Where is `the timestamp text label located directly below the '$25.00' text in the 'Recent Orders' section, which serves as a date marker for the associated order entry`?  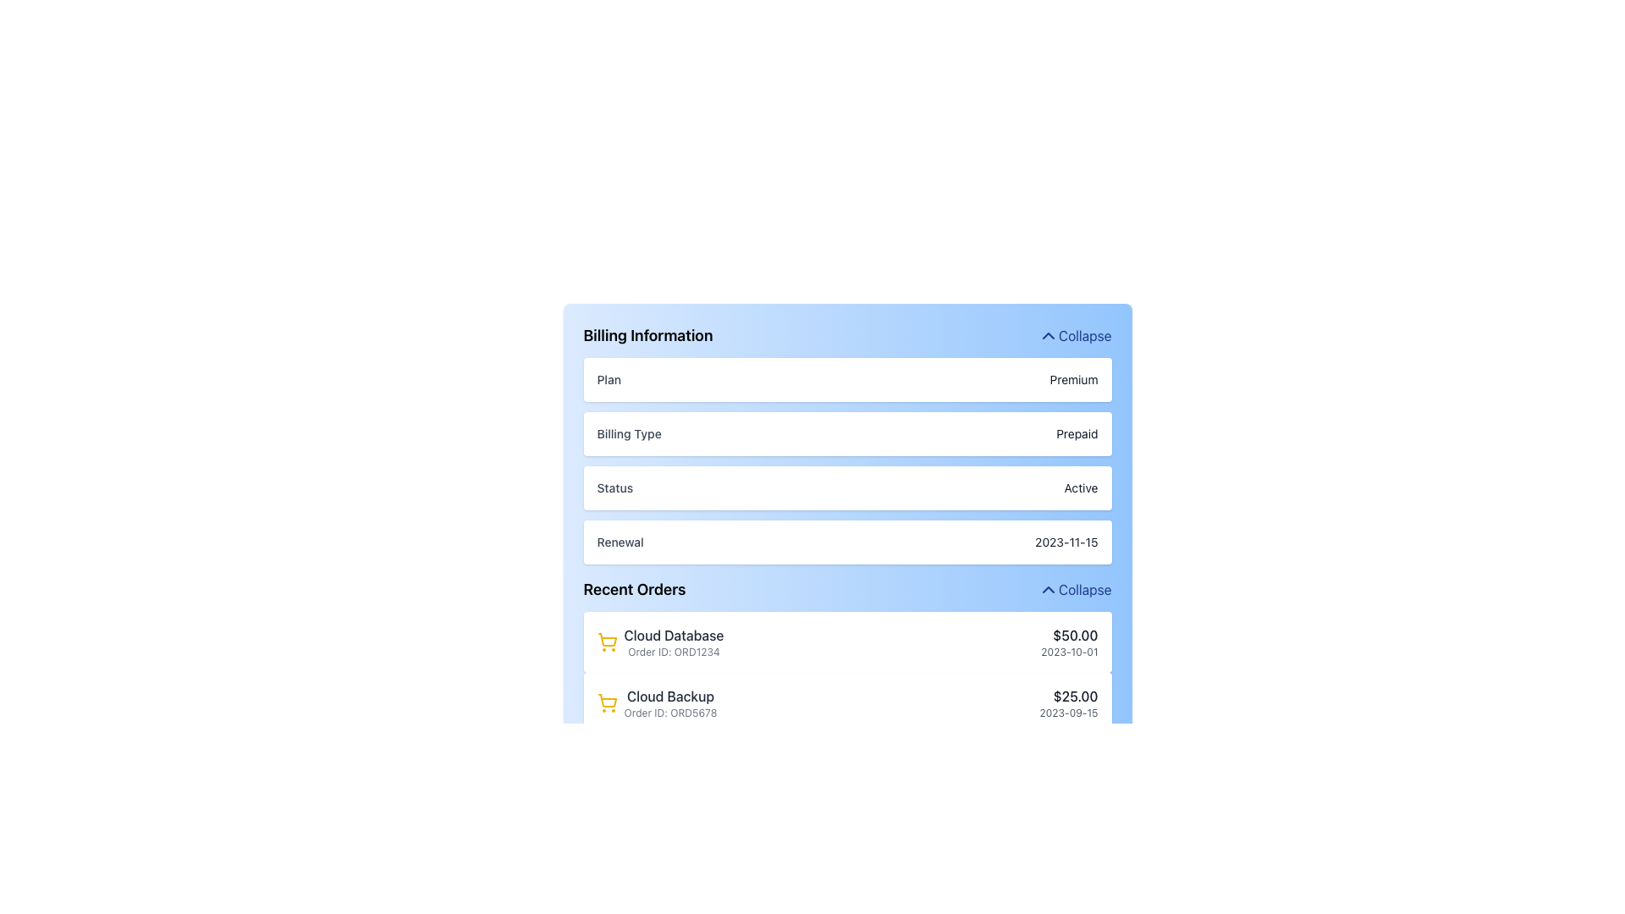
the timestamp text label located directly below the '$25.00' text in the 'Recent Orders' section, which serves as a date marker for the associated order entry is located at coordinates (1067, 713).